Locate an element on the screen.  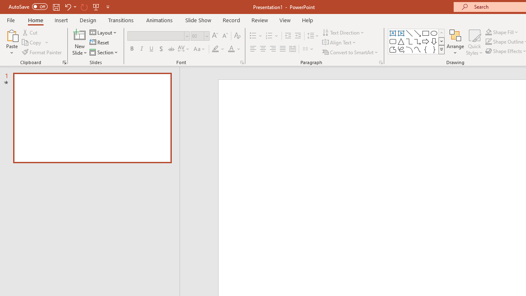
'Reset' is located at coordinates (99, 42).